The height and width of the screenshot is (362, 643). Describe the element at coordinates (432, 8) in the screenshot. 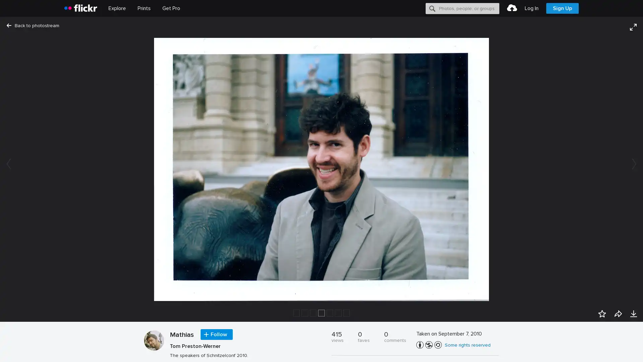

I see `Search` at that location.